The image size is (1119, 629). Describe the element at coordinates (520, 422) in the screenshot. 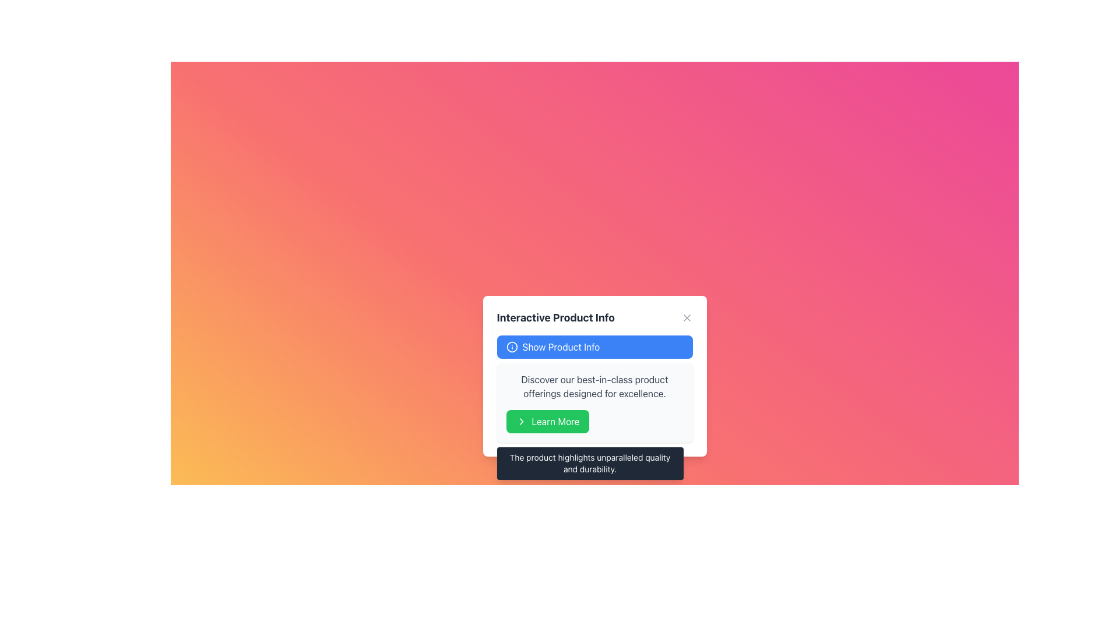

I see `the right-pointing chevron icon located inside the green 'Learn More' button` at that location.